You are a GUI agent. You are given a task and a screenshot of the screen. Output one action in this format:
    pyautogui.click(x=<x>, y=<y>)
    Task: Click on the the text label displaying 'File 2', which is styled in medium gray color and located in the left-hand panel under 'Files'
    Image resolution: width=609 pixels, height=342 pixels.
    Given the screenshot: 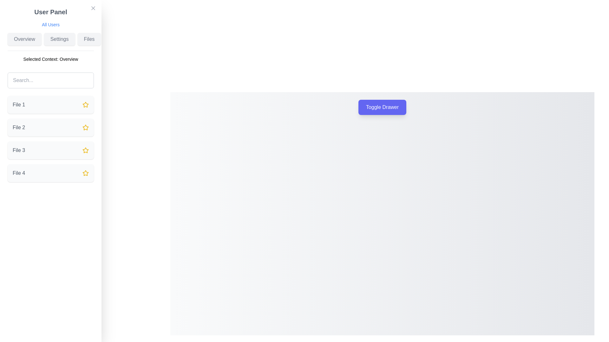 What is the action you would take?
    pyautogui.click(x=19, y=127)
    